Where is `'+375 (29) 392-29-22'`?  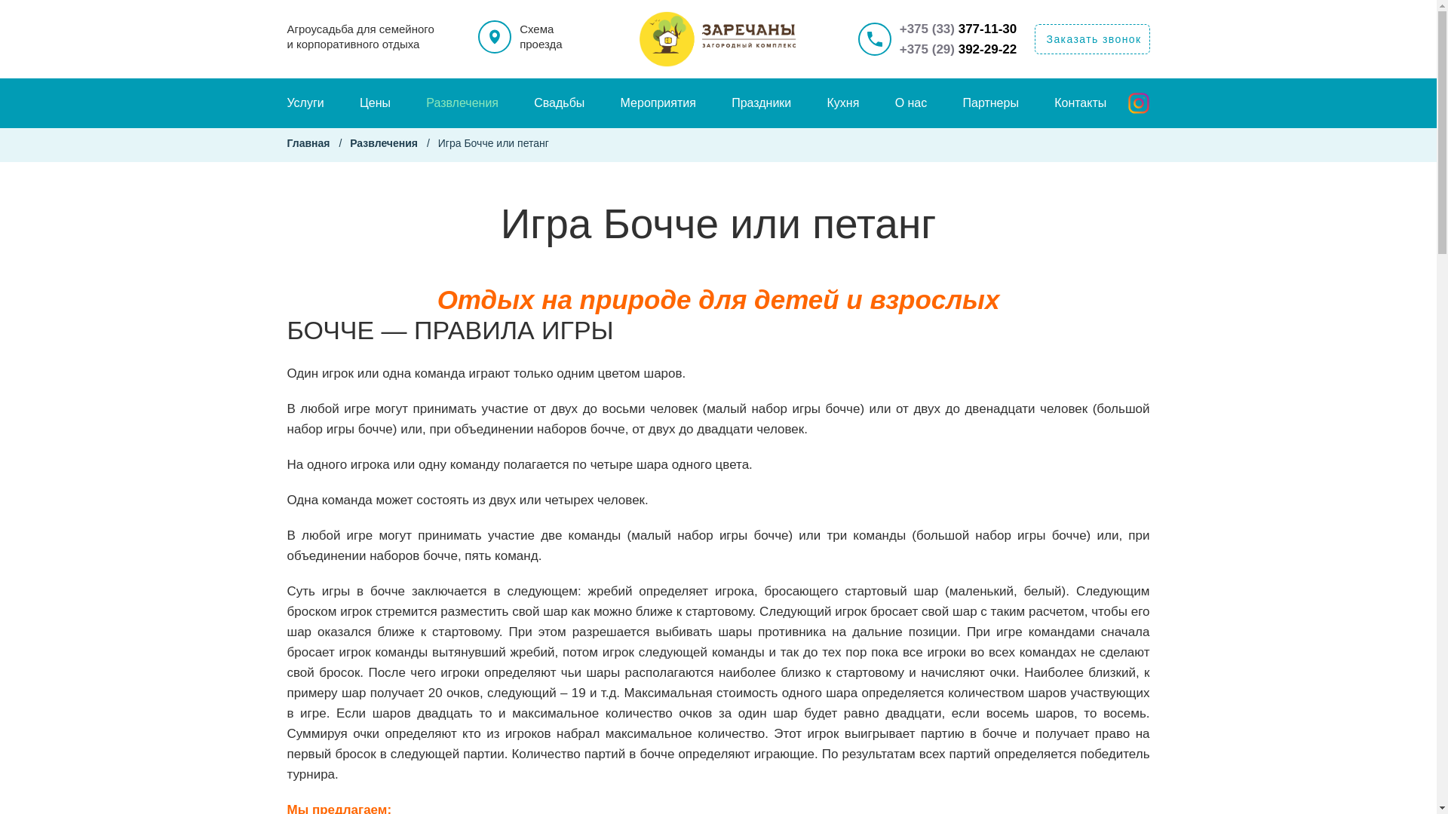 '+375 (29) 392-29-22' is located at coordinates (958, 48).